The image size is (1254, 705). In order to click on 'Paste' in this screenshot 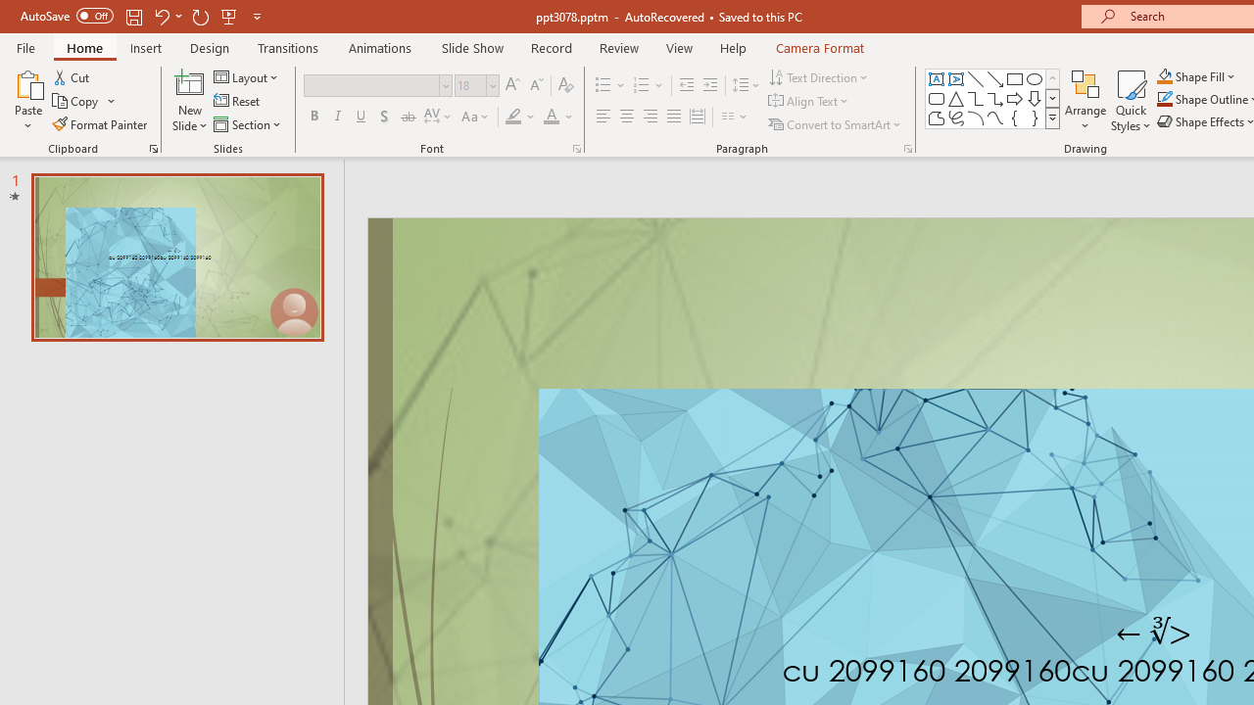, I will do `click(27, 82)`.